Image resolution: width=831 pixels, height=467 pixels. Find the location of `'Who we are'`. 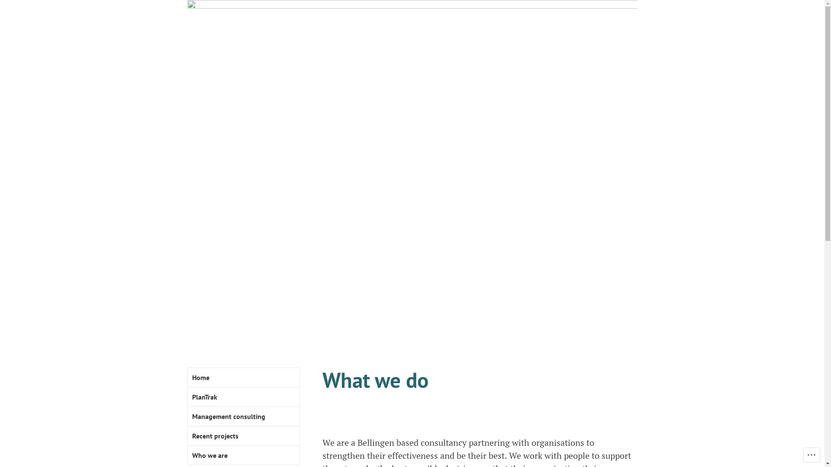

'Who we are' is located at coordinates (243, 455).